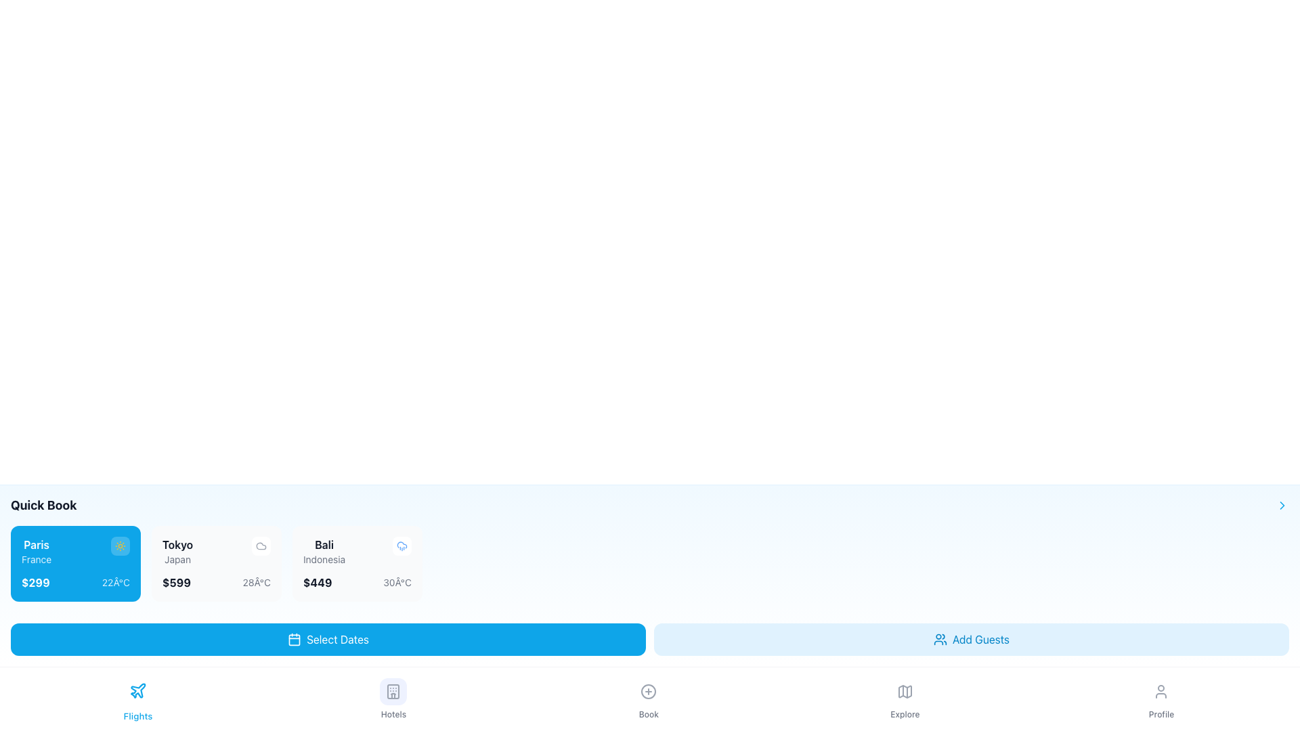  I want to click on the profile icon located in the bottom navigation bar, which is the last option and is centrally aligned above the text 'Profile', so click(1161, 692).